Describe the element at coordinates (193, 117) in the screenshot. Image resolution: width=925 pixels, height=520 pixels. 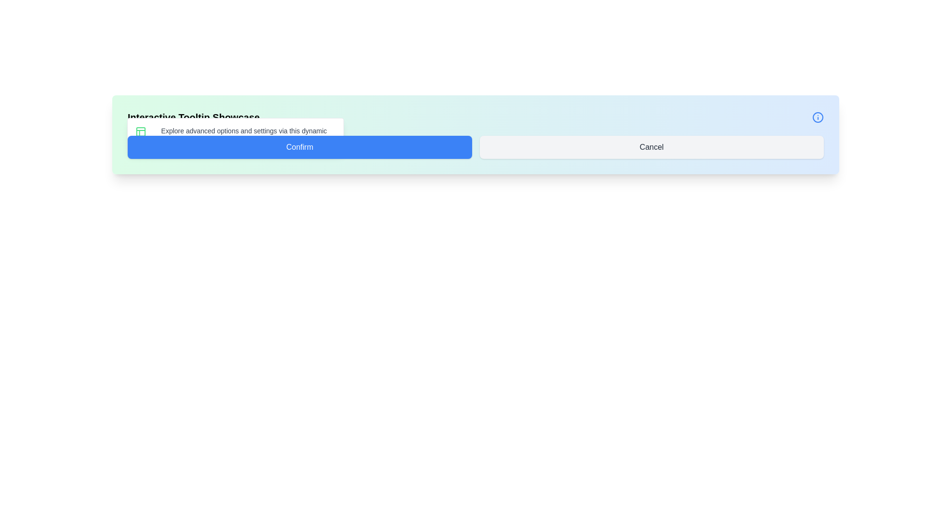
I see `text label that serves as a heading or title, positioned in the top-left corner of the interface, preceding additional iconographic elements` at that location.